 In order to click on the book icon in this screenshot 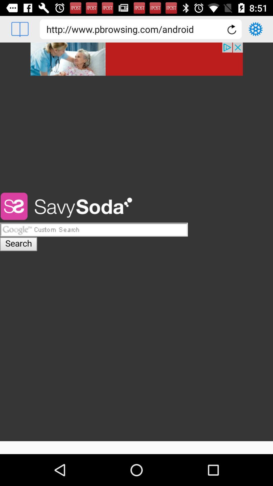, I will do `click(19, 29)`.